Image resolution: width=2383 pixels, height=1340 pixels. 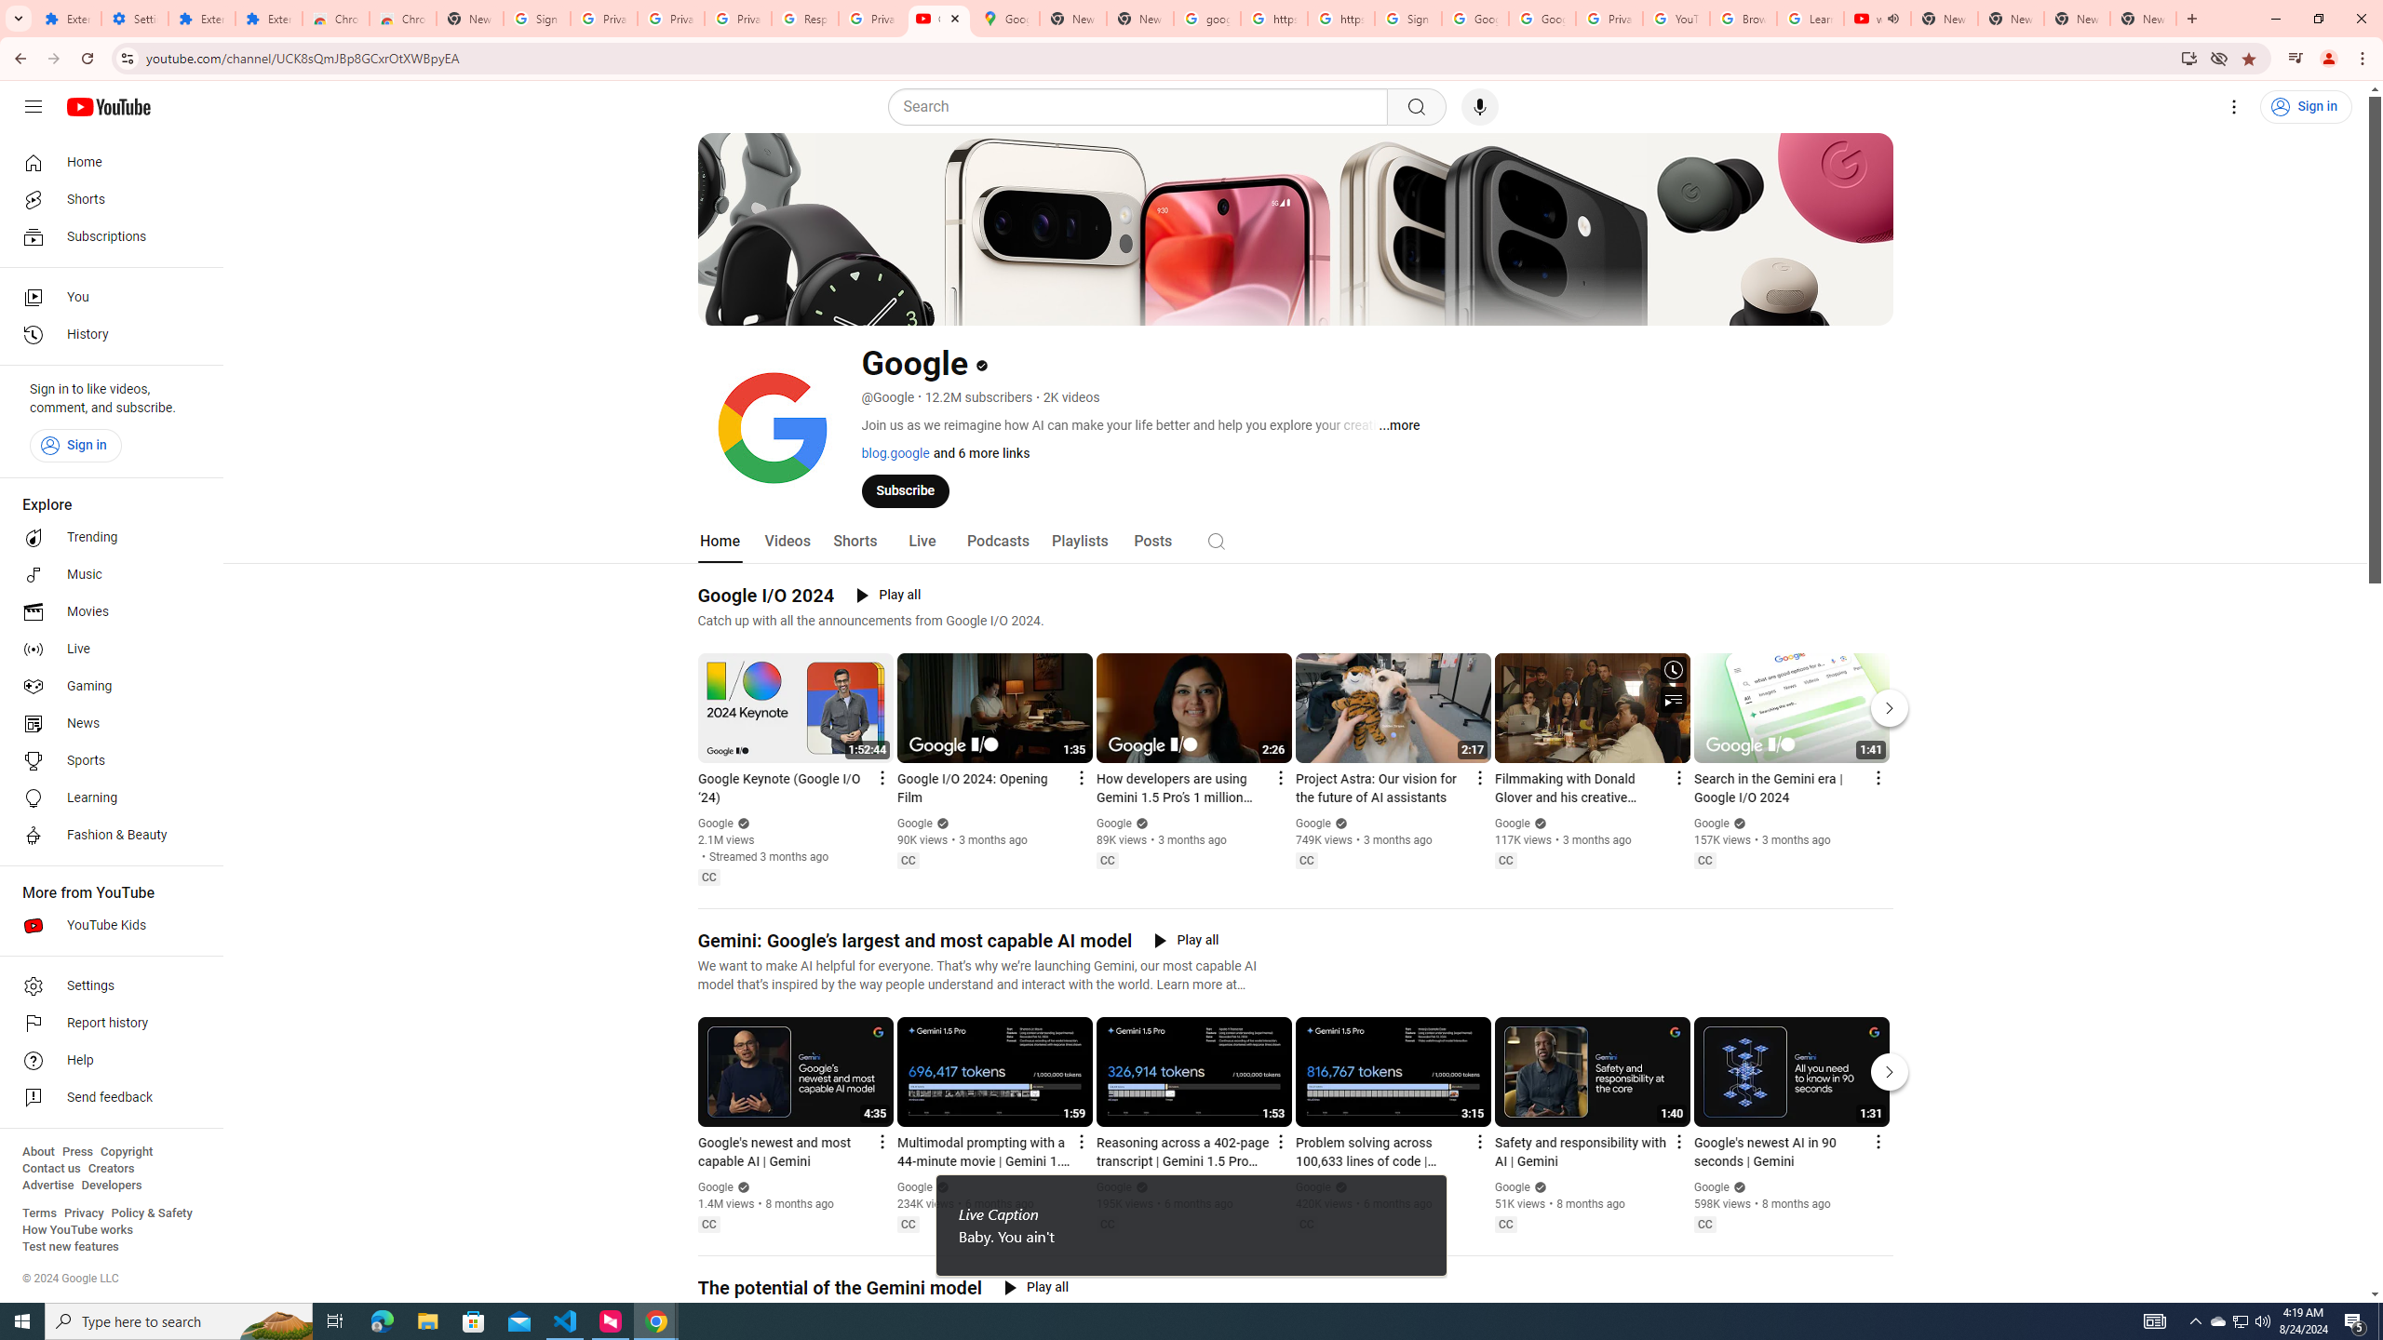 What do you see at coordinates (904, 489) in the screenshot?
I see `'Subscribe'` at bounding box center [904, 489].